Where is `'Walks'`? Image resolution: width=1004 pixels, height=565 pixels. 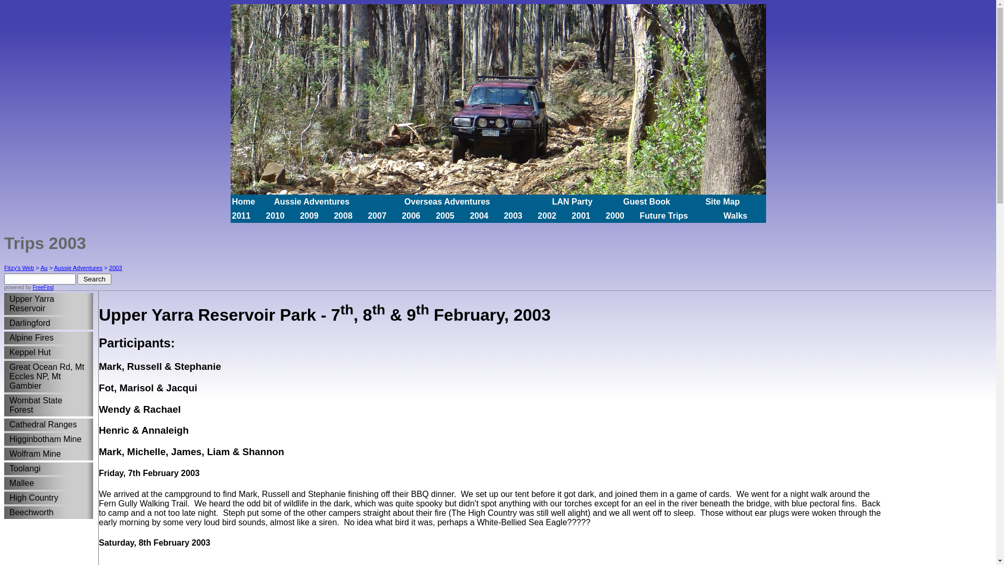
'Walks' is located at coordinates (735, 215).